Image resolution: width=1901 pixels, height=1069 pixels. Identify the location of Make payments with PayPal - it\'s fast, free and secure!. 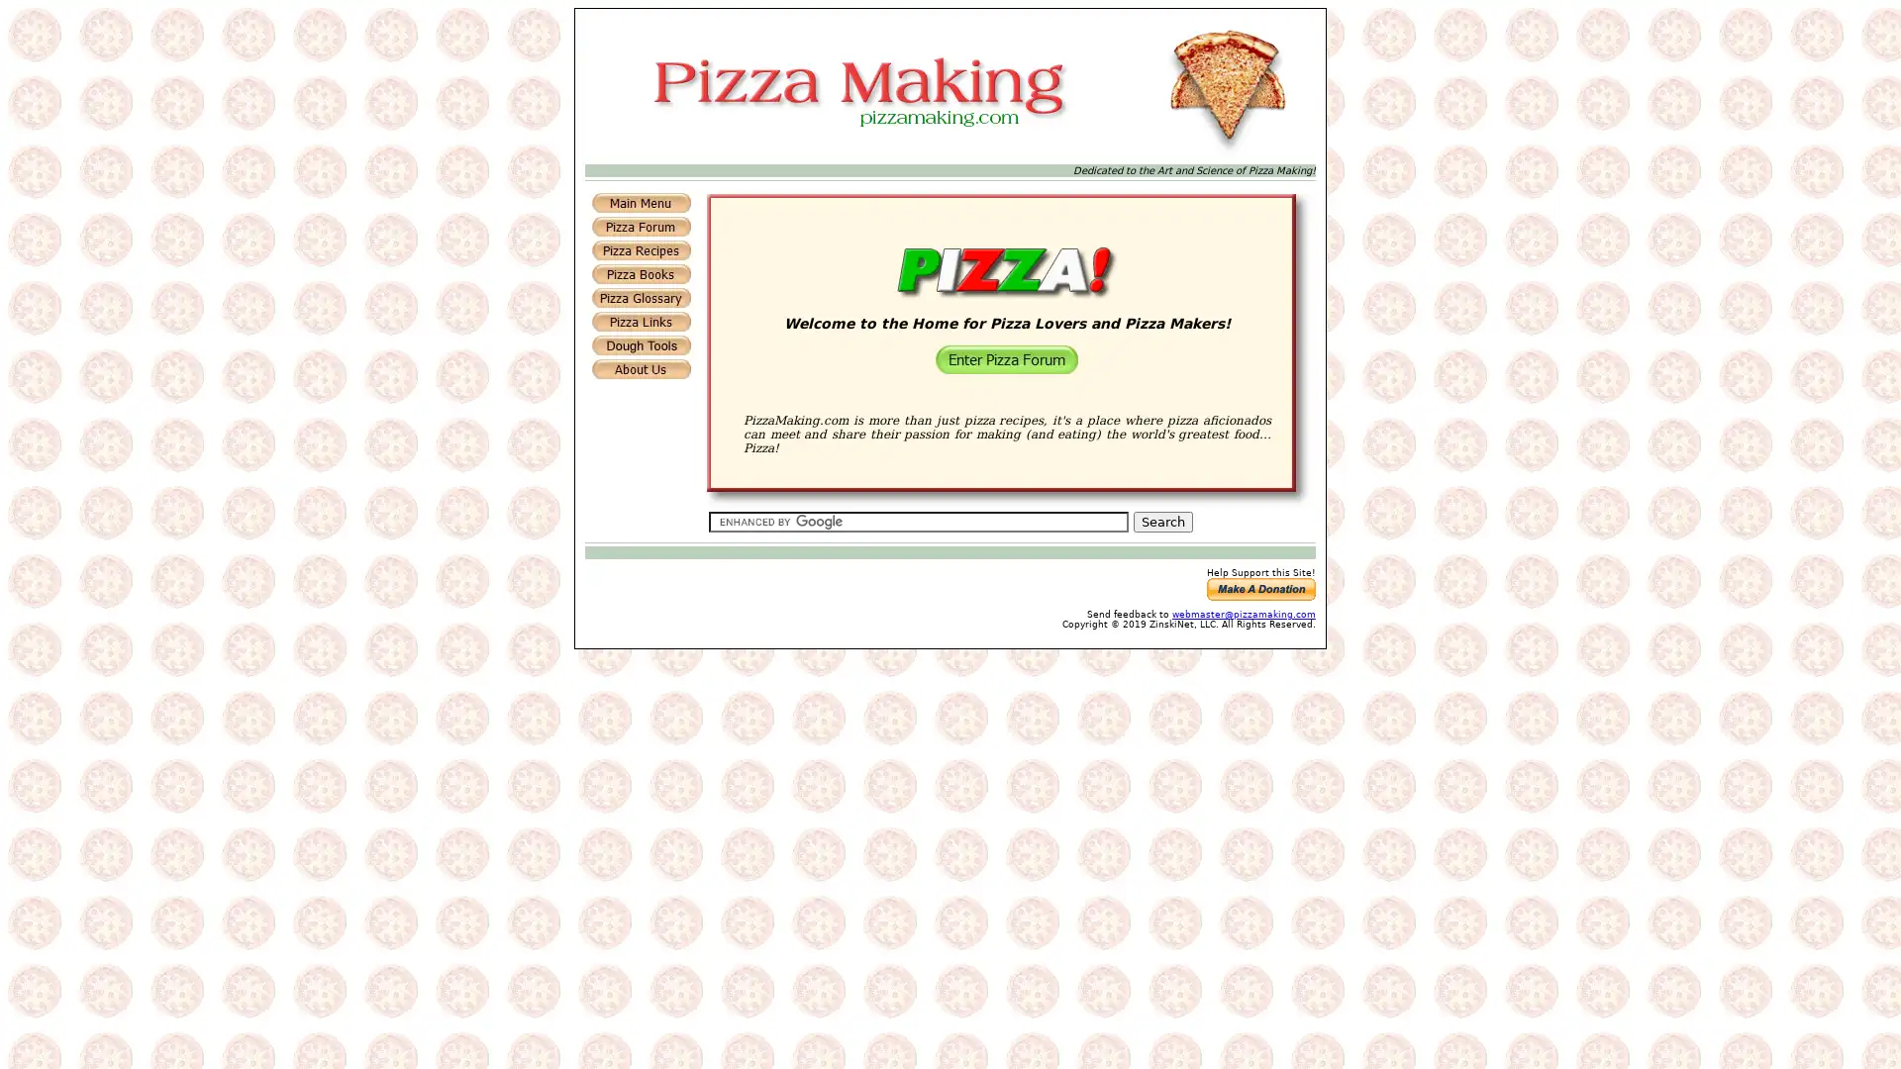
(1259, 588).